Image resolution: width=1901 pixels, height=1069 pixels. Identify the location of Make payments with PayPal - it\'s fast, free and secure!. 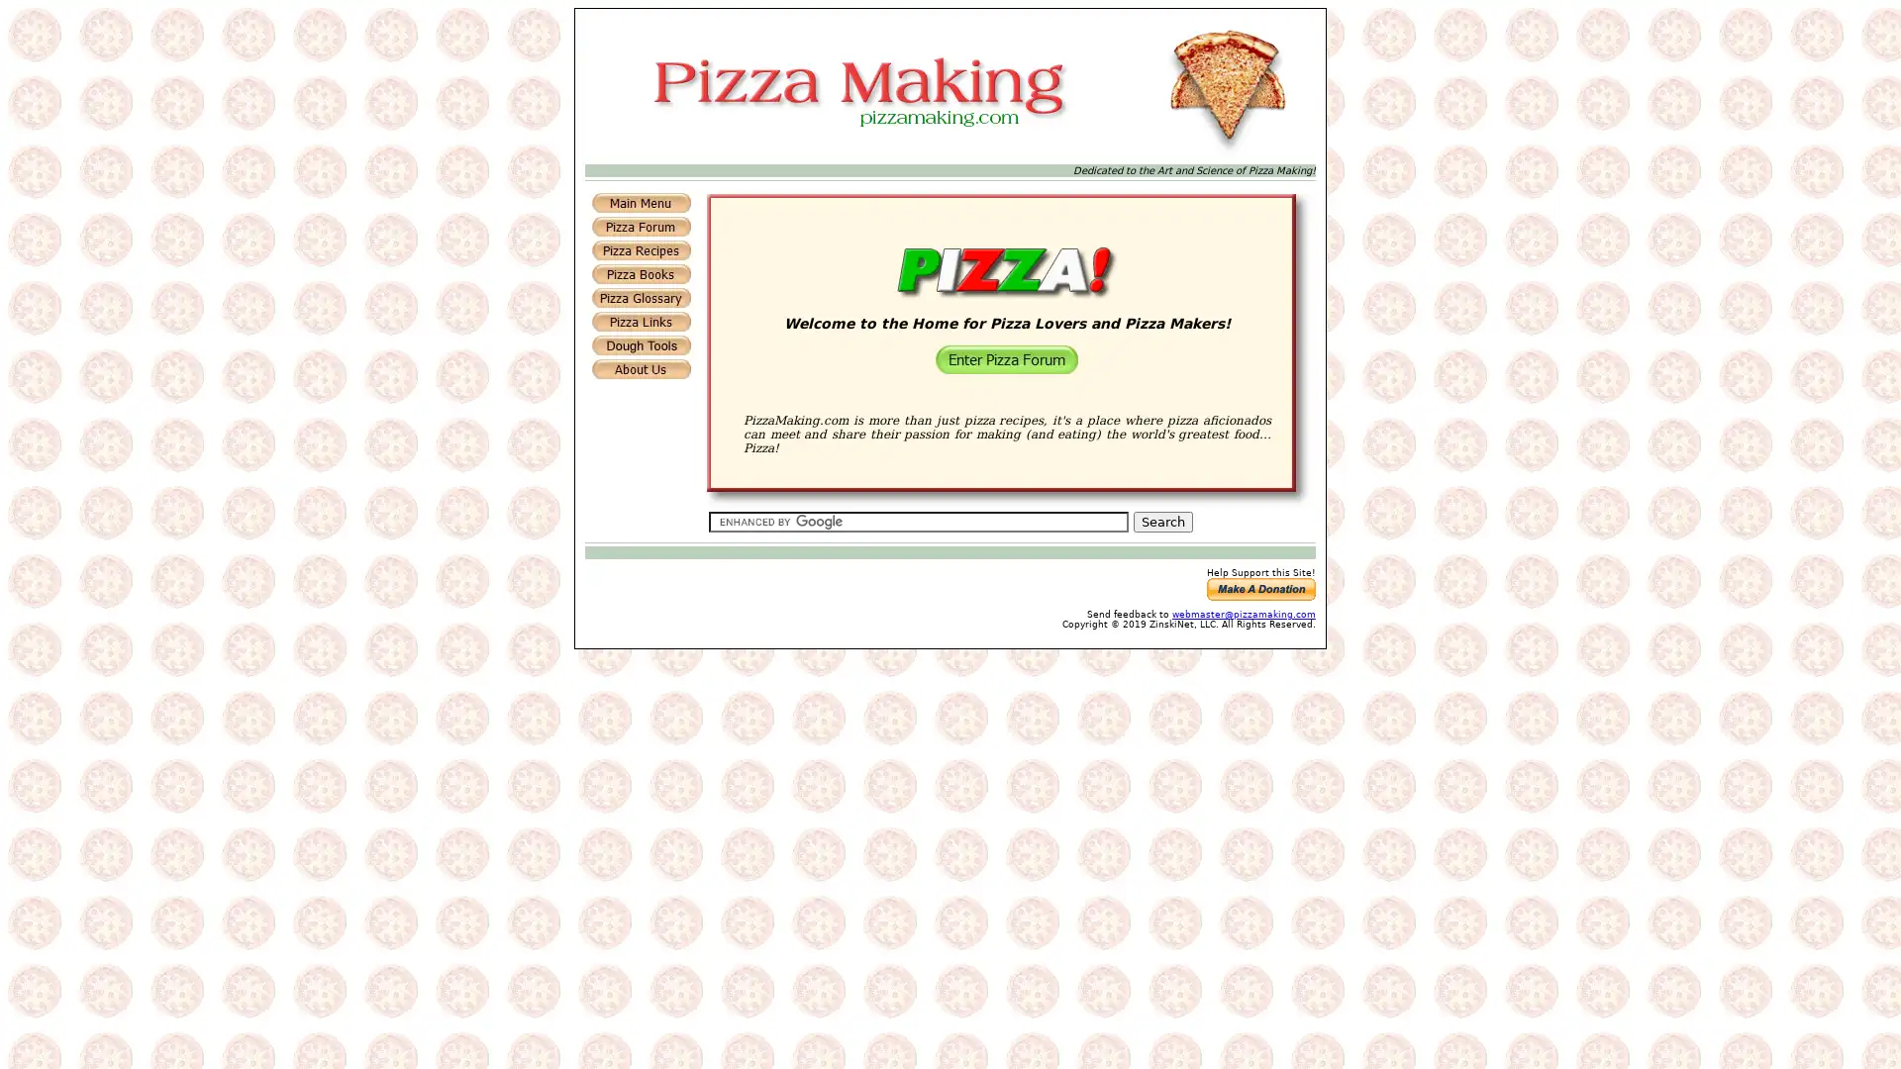
(1259, 588).